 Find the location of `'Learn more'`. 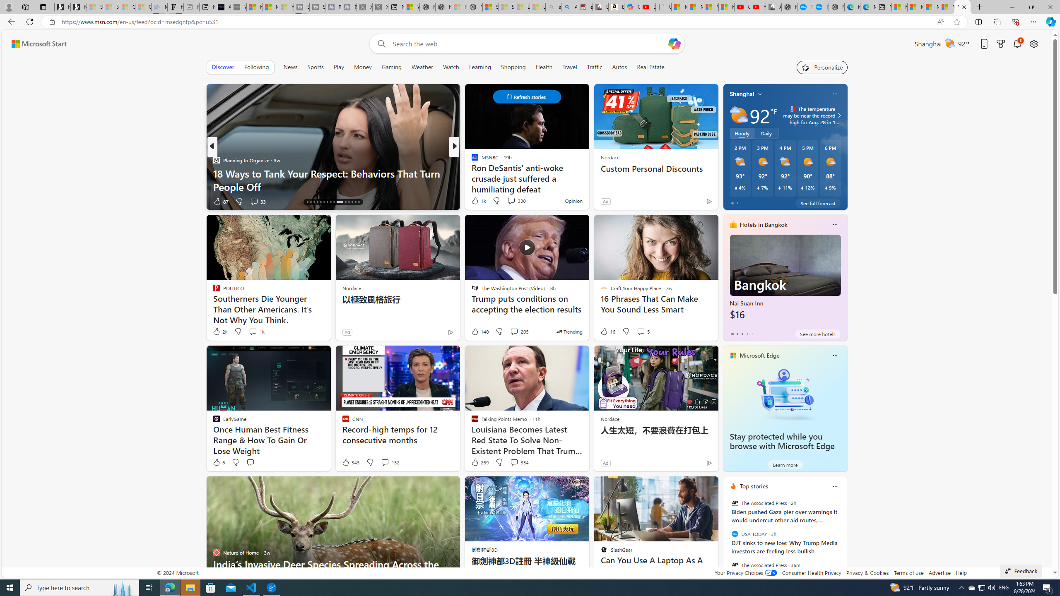

'Learn more' is located at coordinates (785, 464).